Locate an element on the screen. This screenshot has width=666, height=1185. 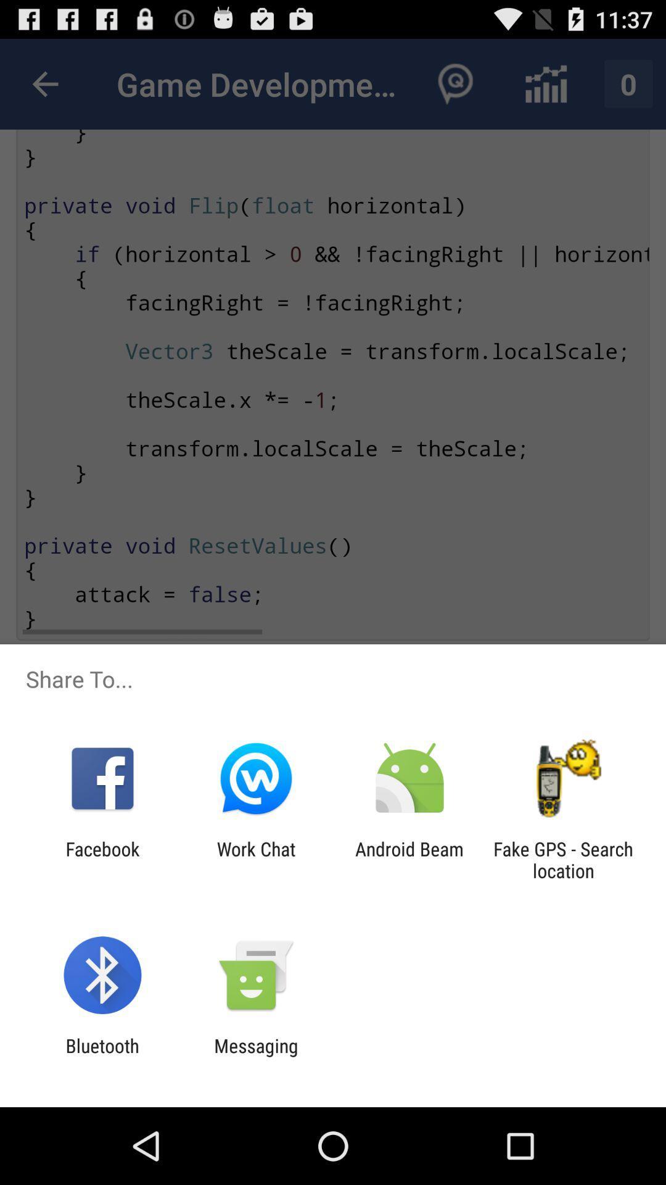
the icon to the right of the facebook item is located at coordinates (255, 859).